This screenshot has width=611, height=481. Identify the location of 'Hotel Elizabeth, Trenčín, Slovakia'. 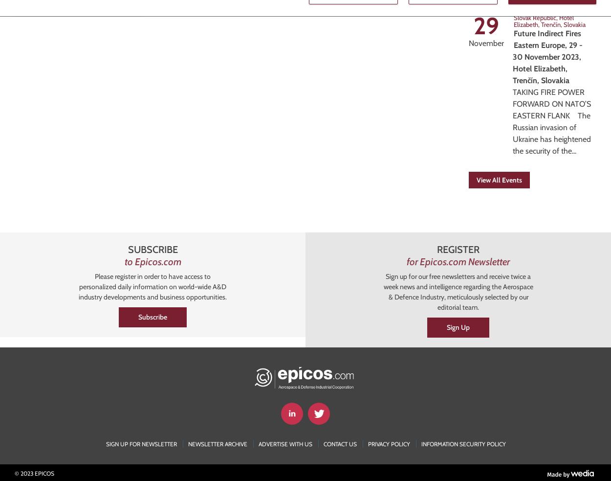
(549, 20).